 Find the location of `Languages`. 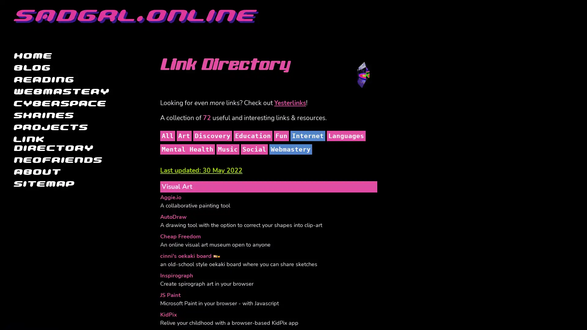

Languages is located at coordinates (346, 135).